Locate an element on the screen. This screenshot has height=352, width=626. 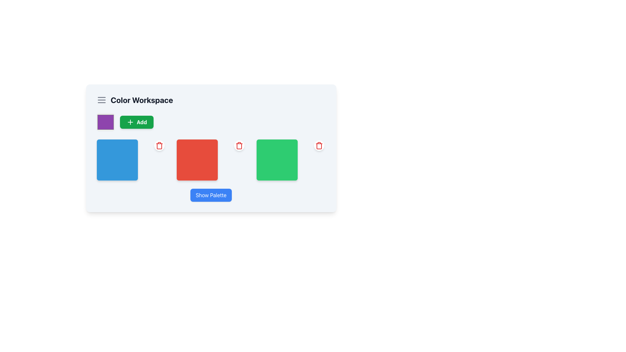
the large dark gray hamburger menu icon located at the top-left corner of the interface is located at coordinates (101, 100).